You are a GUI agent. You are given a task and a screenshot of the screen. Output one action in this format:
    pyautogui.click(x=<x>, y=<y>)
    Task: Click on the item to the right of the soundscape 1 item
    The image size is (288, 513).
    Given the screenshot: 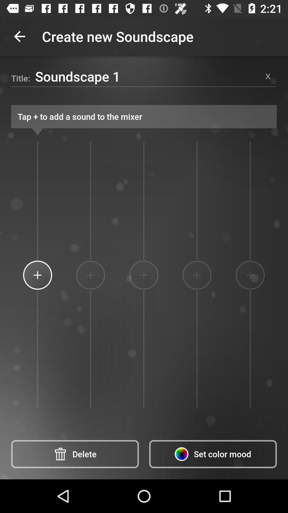 What is the action you would take?
    pyautogui.click(x=268, y=76)
    